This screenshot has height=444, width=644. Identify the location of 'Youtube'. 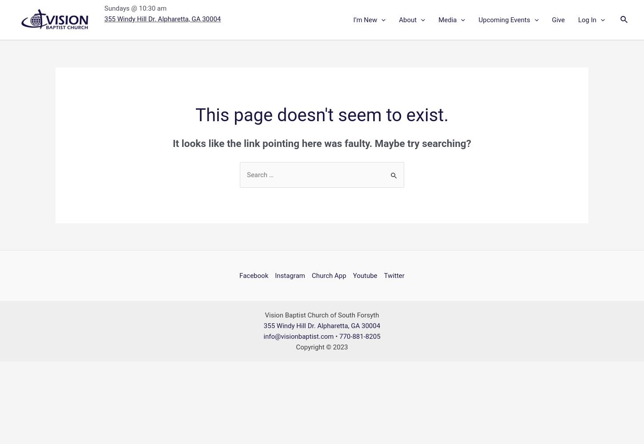
(353, 275).